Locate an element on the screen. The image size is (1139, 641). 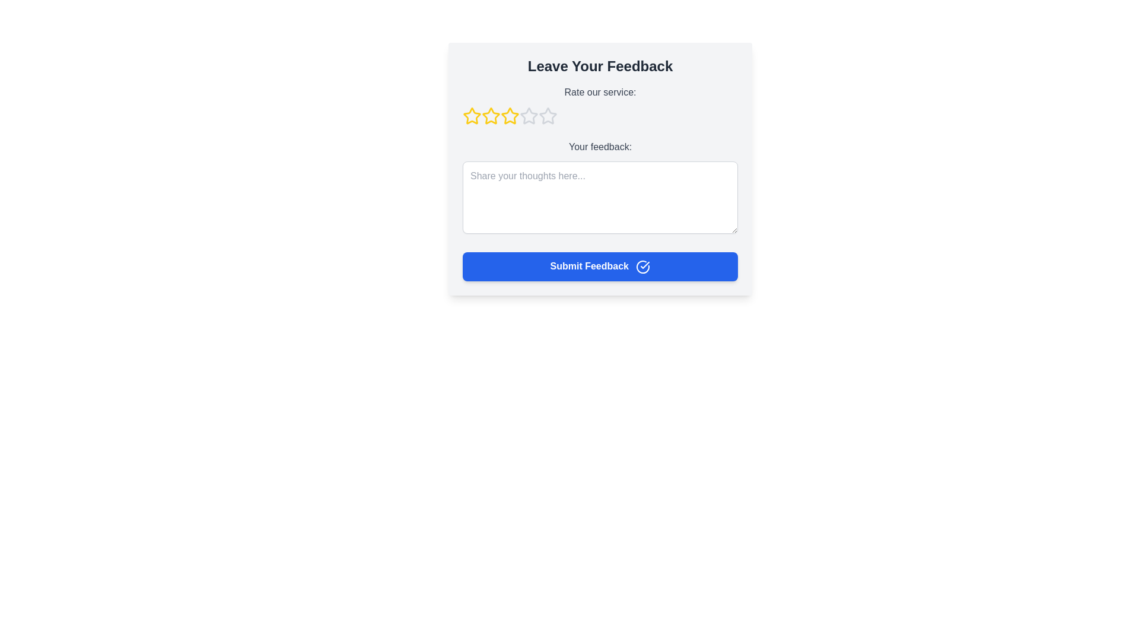
the interactive star icons in the rating widget to set a user rating for the service, located between the 'Leave Your Feedback' title and the 'Your feedback:' section is located at coordinates (600, 104).